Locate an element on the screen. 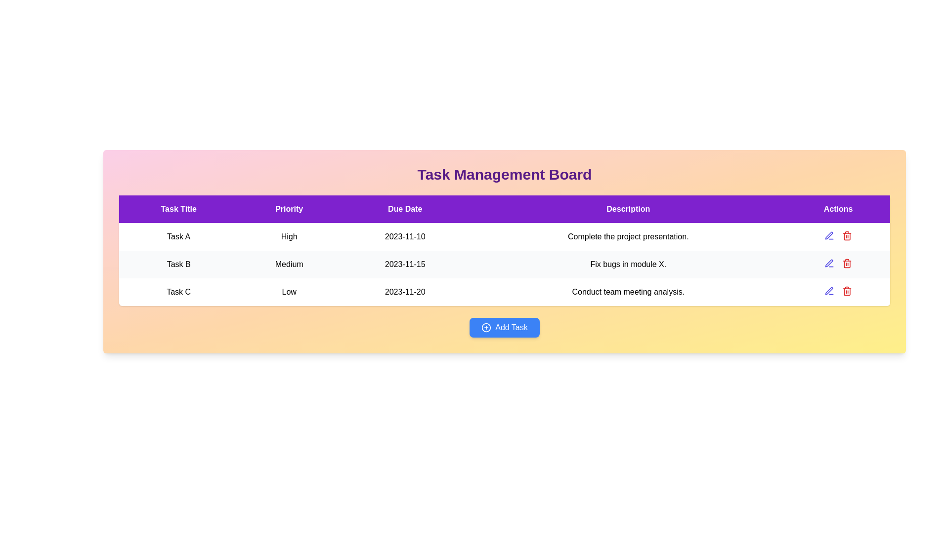 Image resolution: width=949 pixels, height=533 pixels. the second row of the task table, located between 'Task A' and 'Task C', to use related icons for further actions like editing or deleting is located at coordinates (505, 264).